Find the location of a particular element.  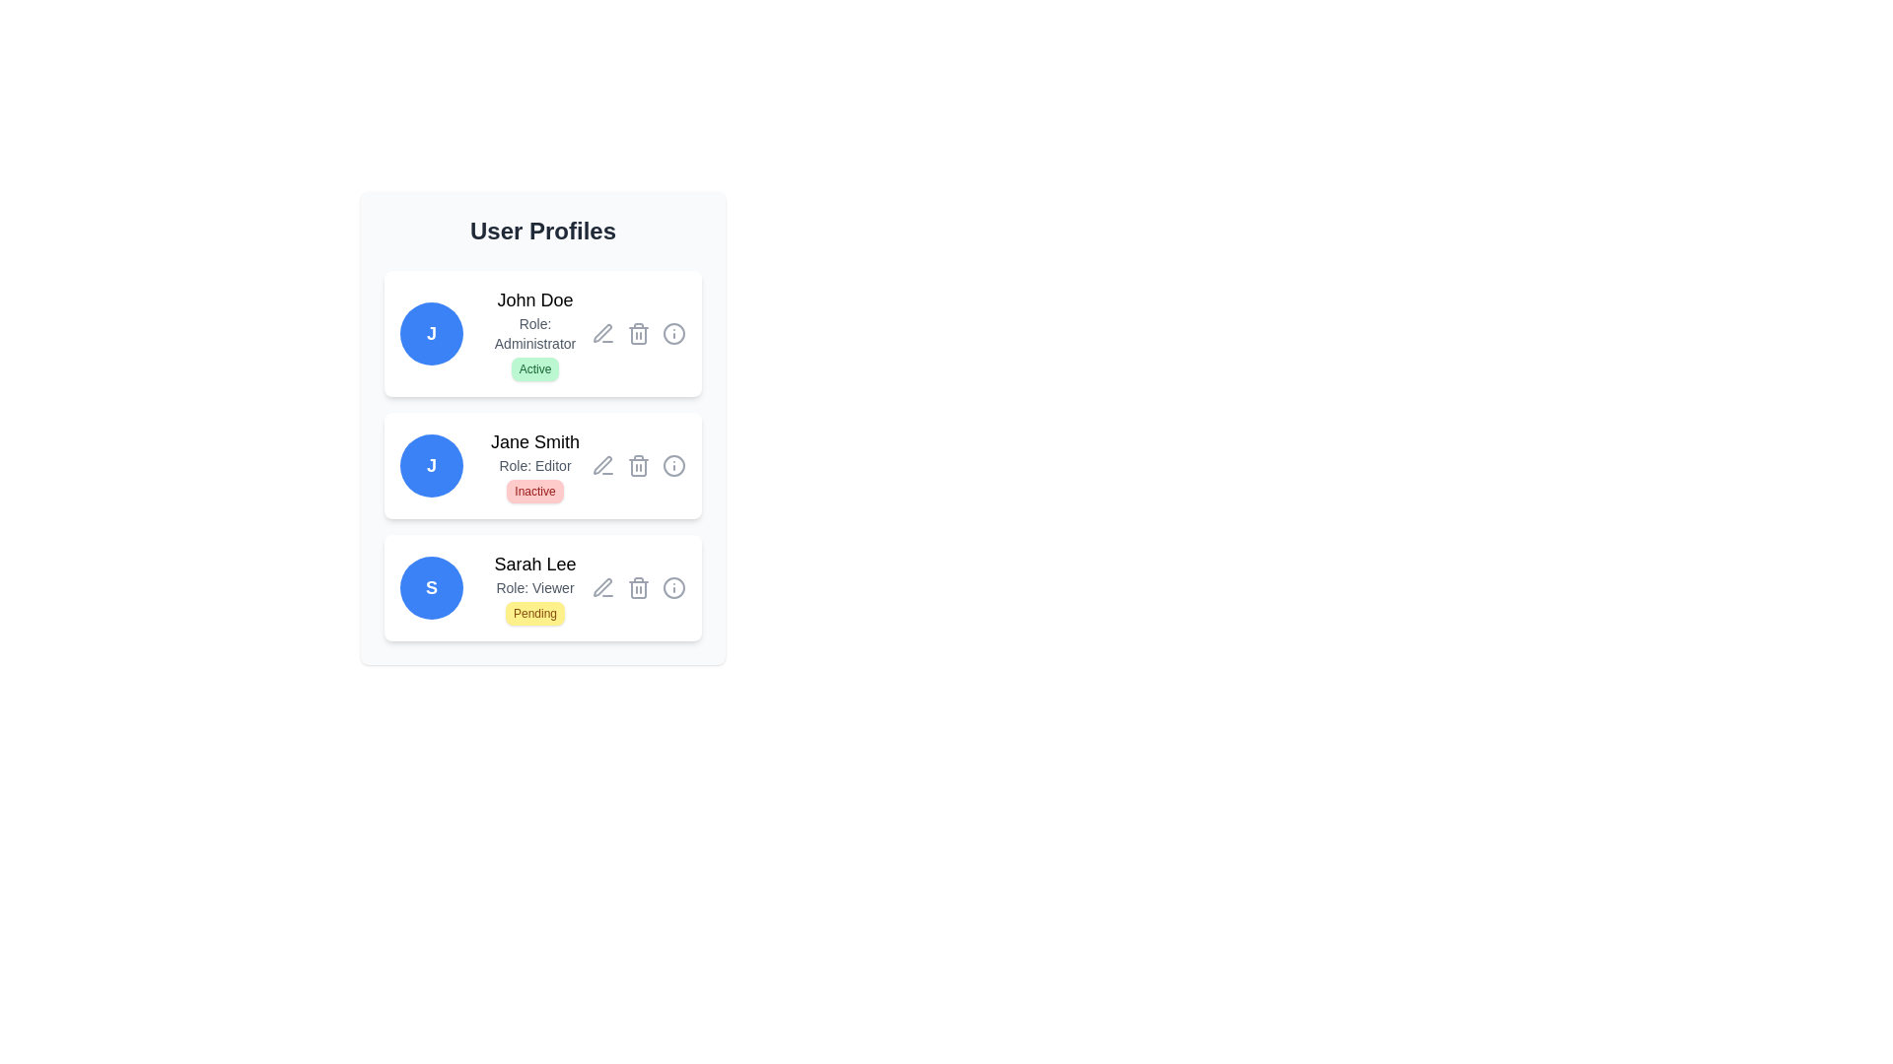

the Text label that displays the user's name, located in the second row of user profile cards, above the 'Role: Editor' text and 'Inactive' status badge is located at coordinates (534, 440).